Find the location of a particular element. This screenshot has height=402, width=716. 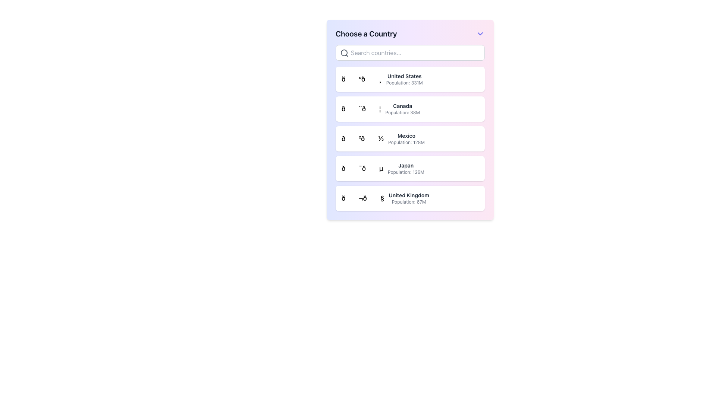

the bold emblem-like representation of the United Kingdom flag located in the fifth entry of the country details list is located at coordinates (363, 198).